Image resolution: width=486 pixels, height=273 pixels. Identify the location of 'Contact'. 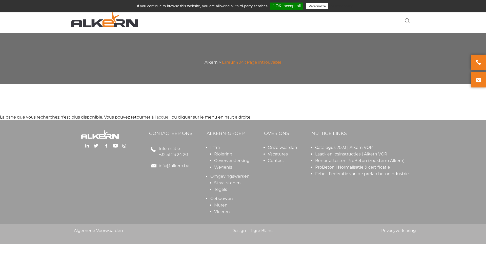
(276, 161).